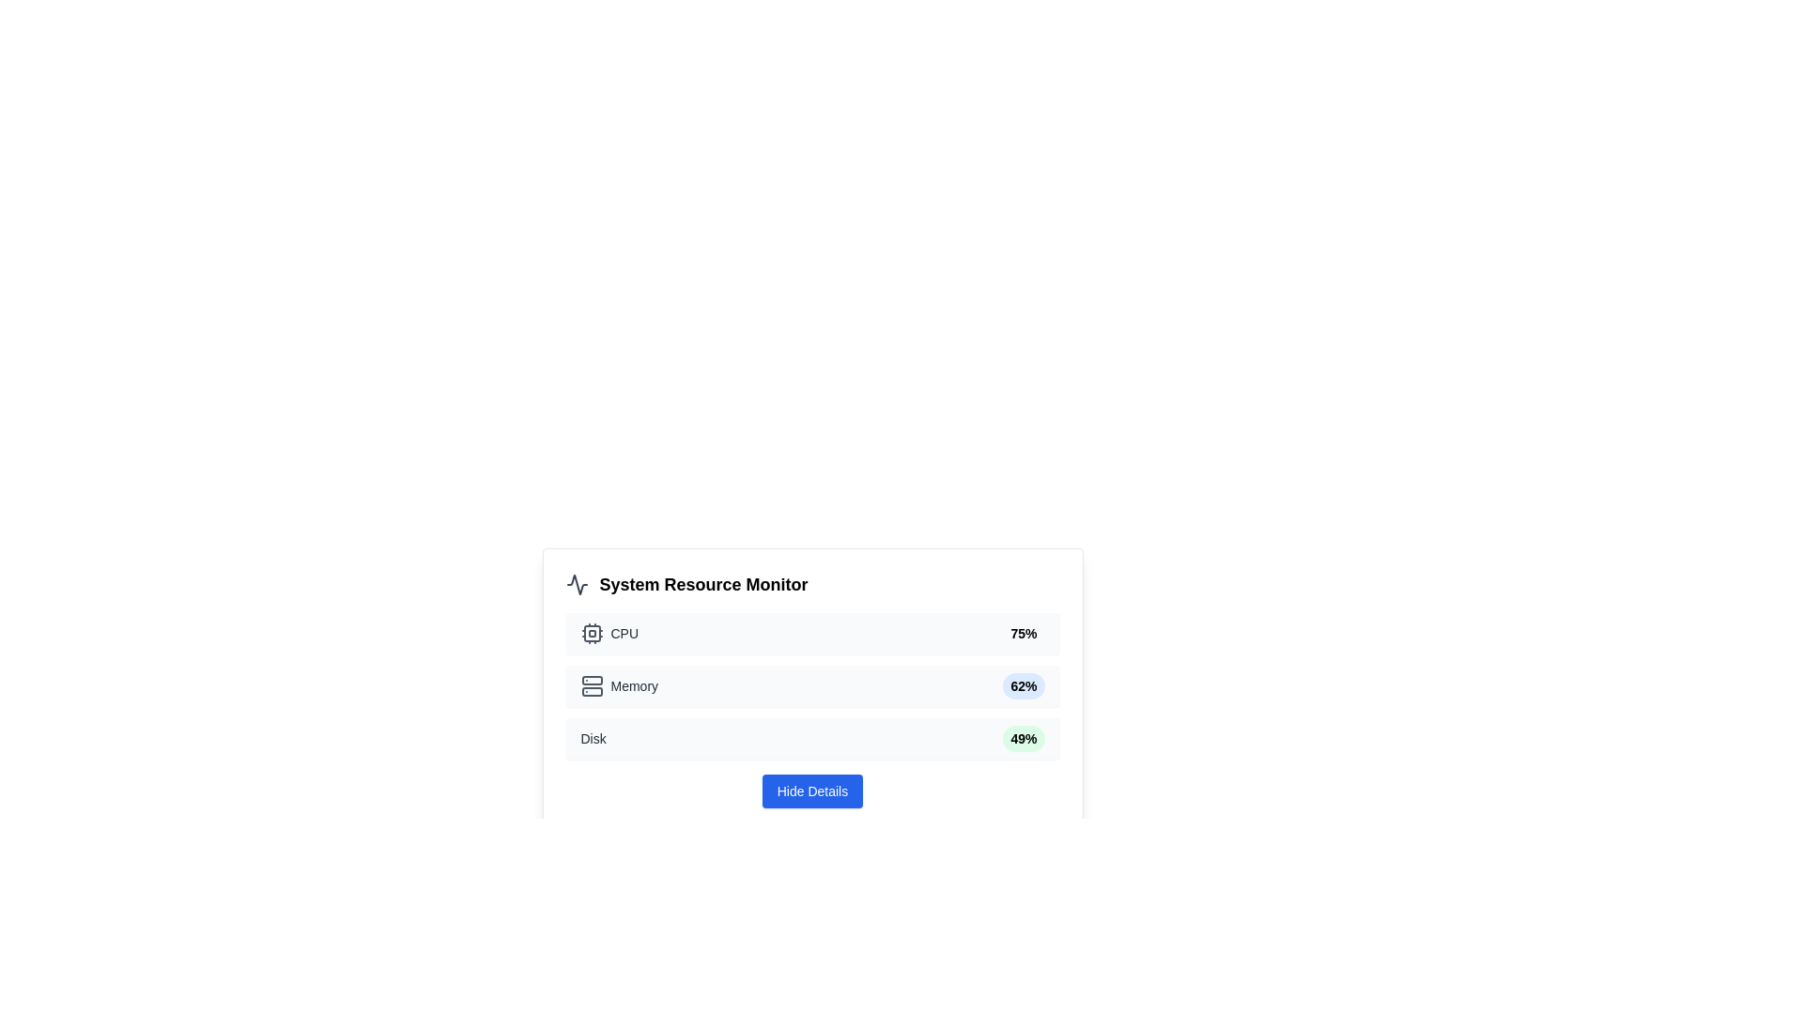 This screenshot has width=1803, height=1014. I want to click on the button located below the disk usage information in the 'System Resource Monitor' section, so click(812, 791).